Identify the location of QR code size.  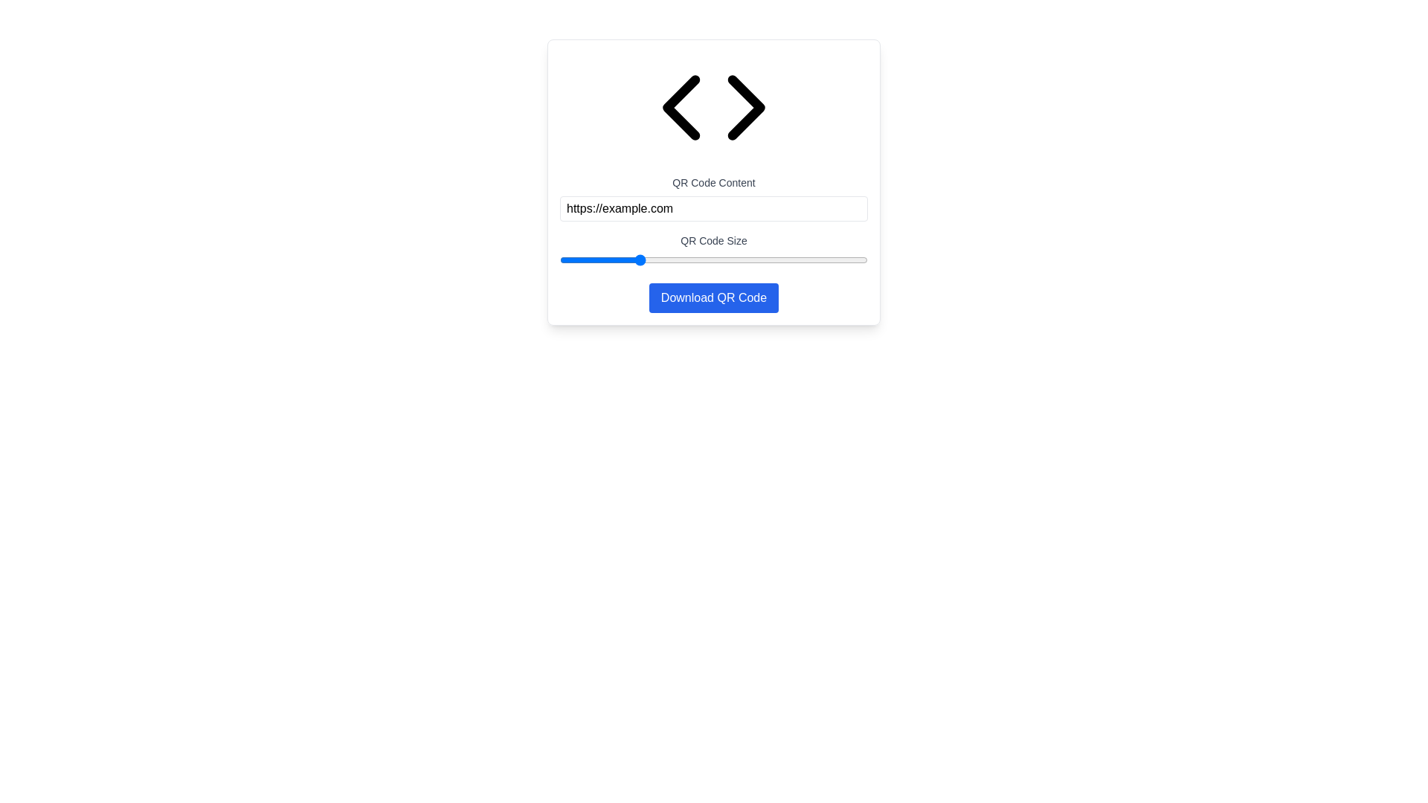
(723, 259).